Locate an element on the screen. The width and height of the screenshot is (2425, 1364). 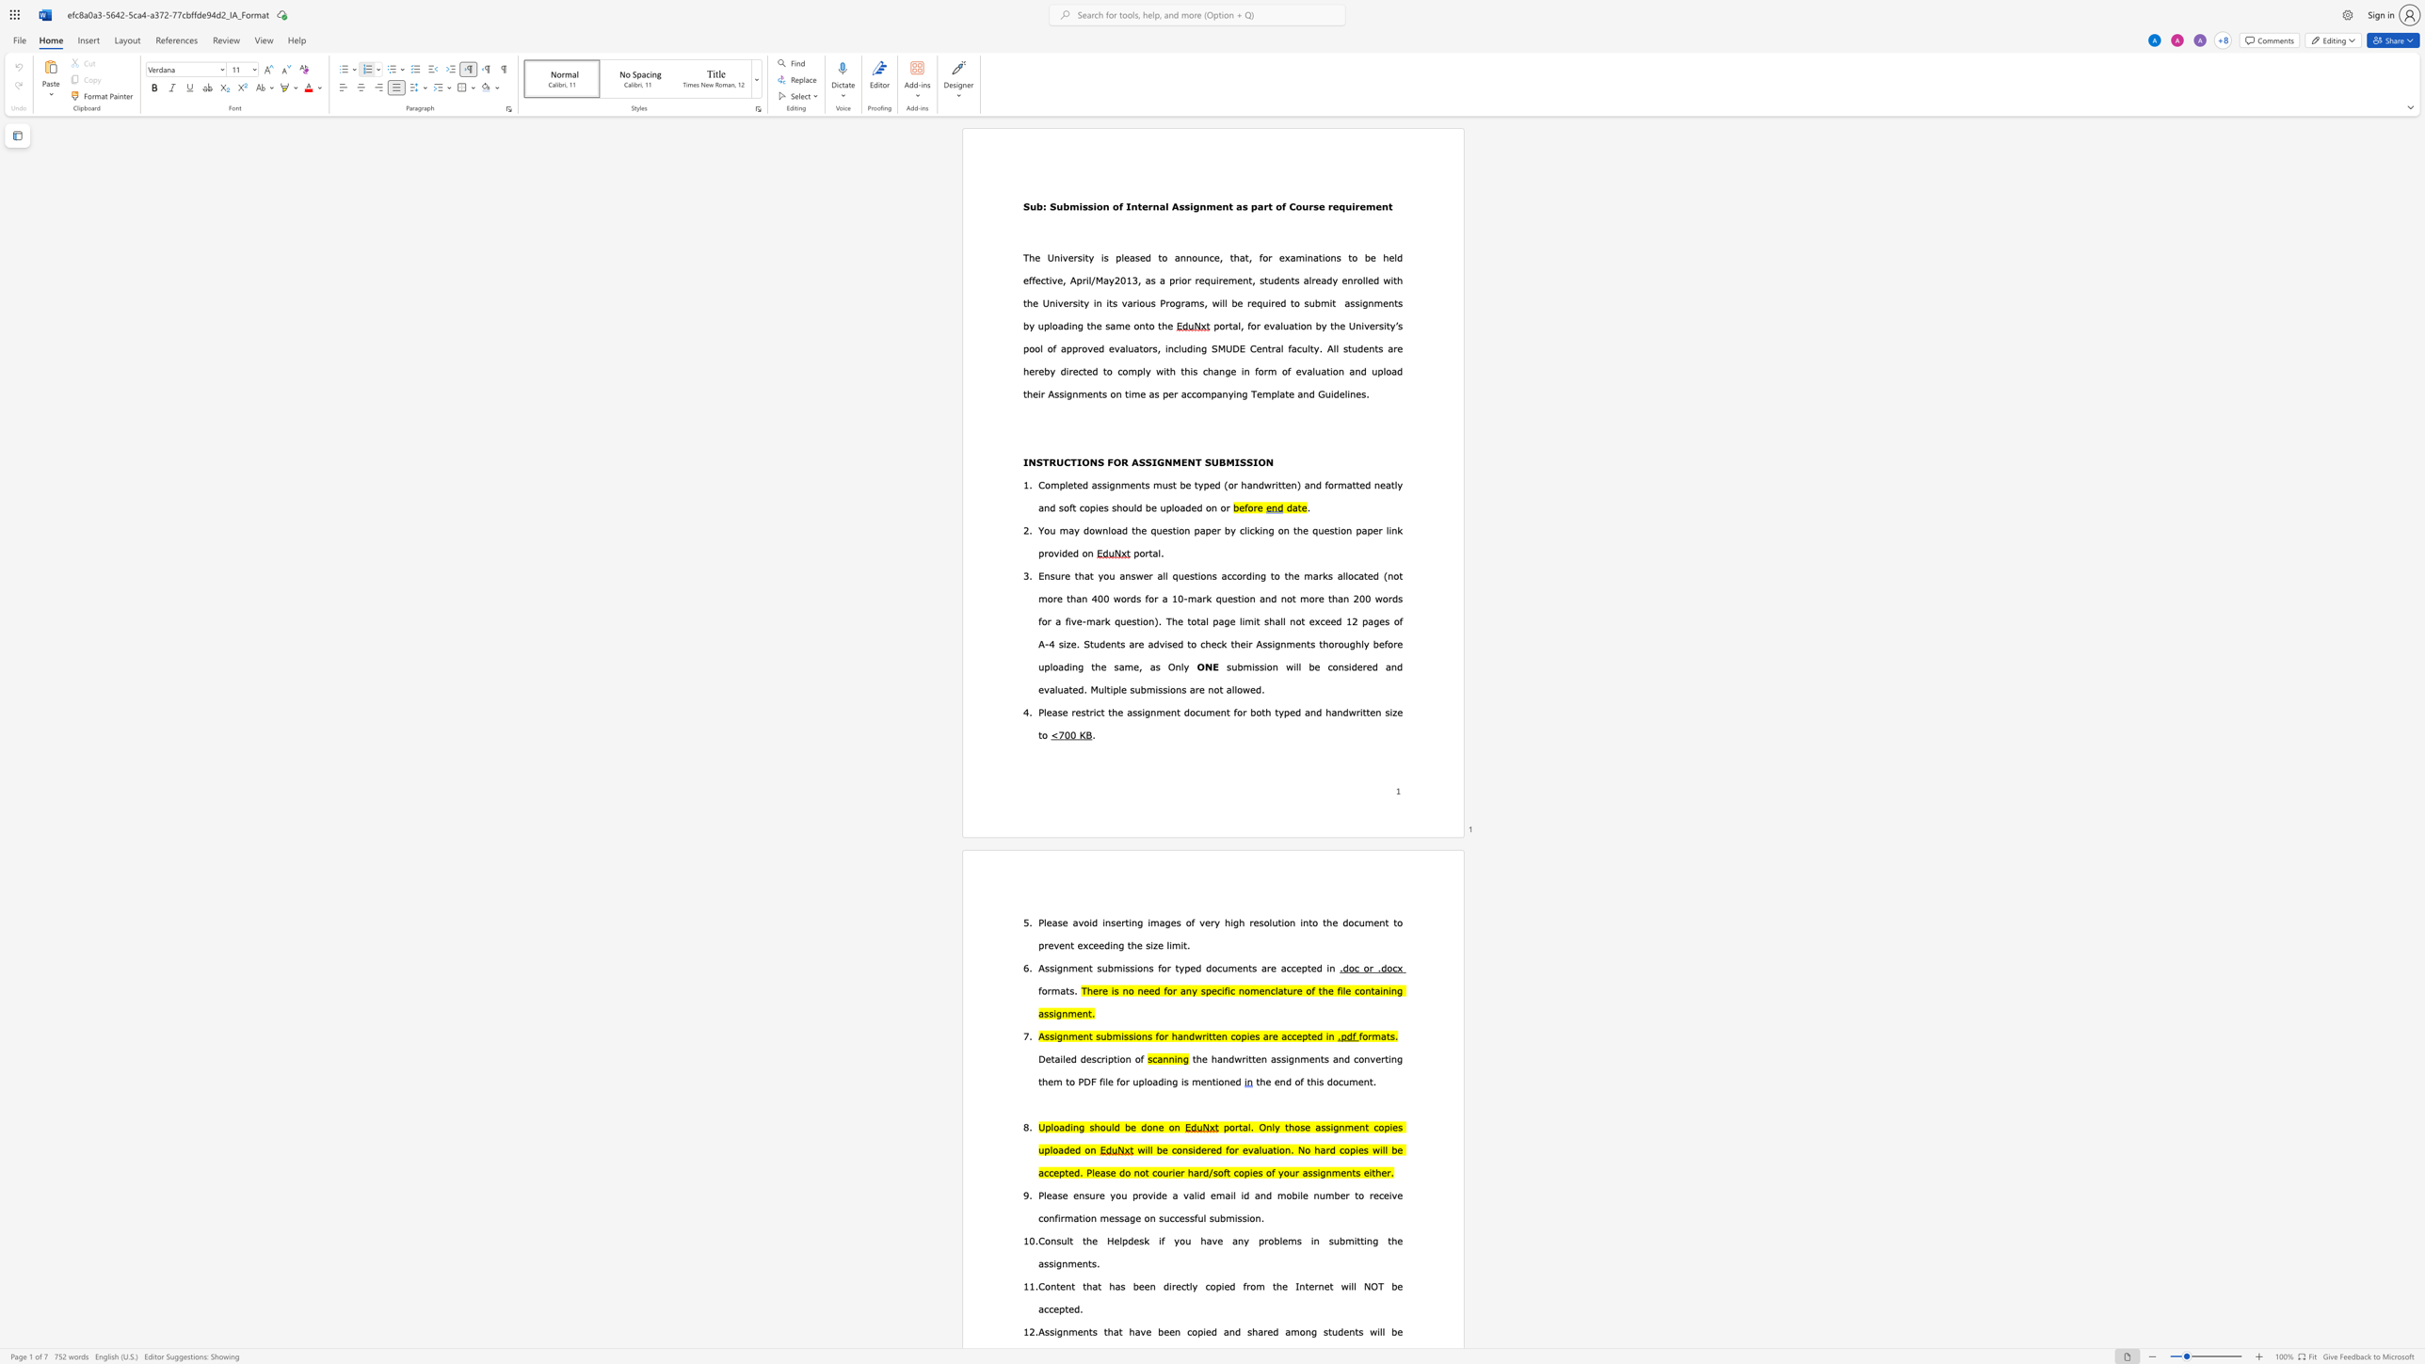
the space between the continuous character "h" and "a" in the text is located at coordinates (1330, 712).